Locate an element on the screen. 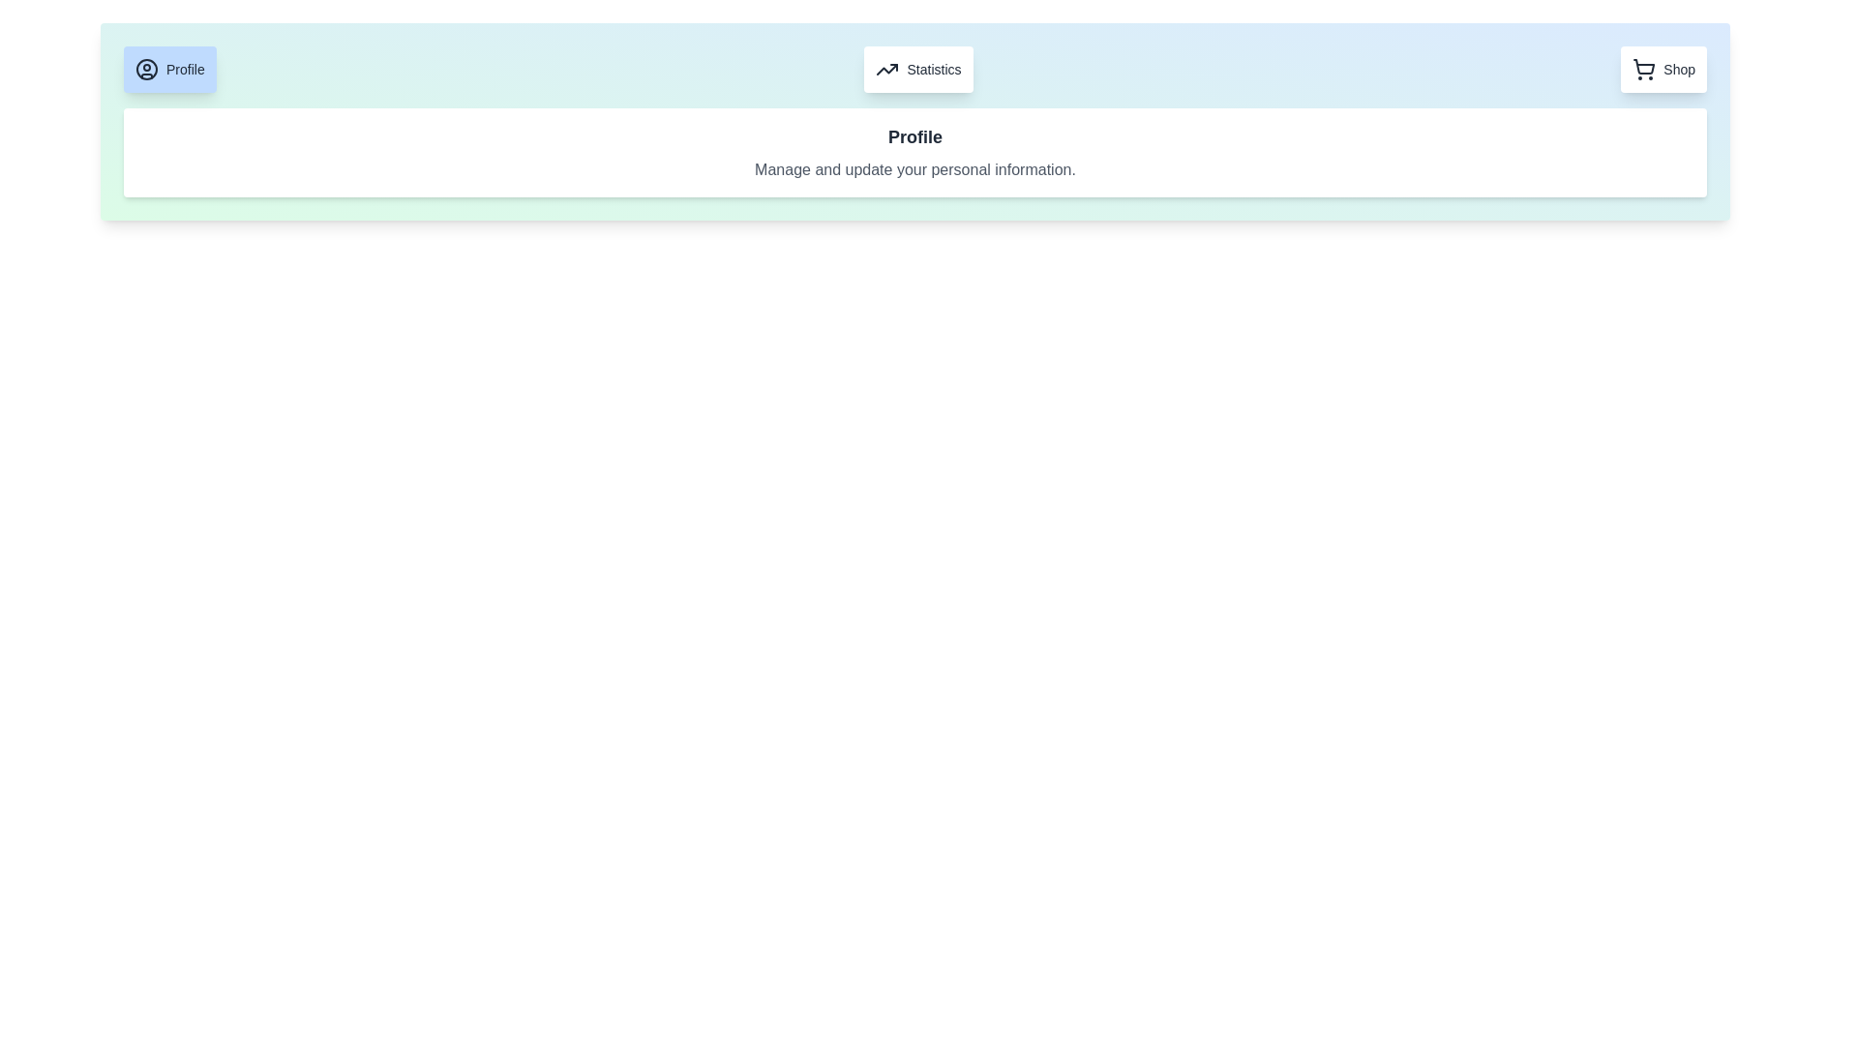 This screenshot has width=1858, height=1045. the 'Statistics' button, which is the second button in a horizontal arrangement of three, to observe its scaling effect is located at coordinates (917, 69).